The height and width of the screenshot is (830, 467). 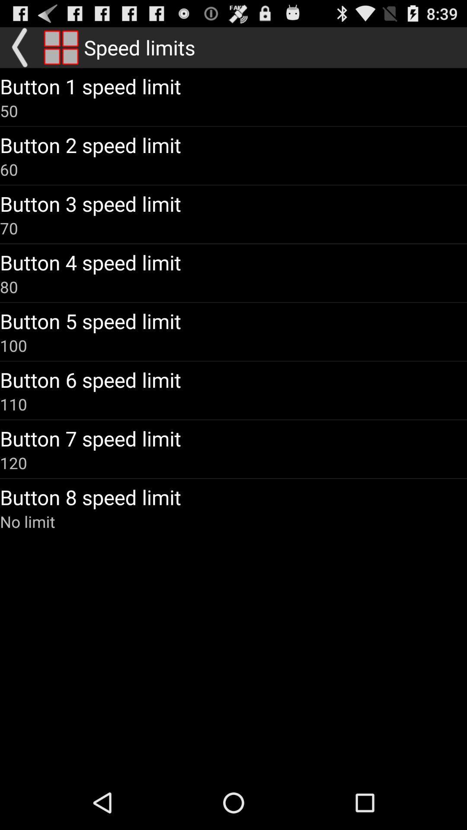 I want to click on icon below button 8 speed, so click(x=27, y=521).